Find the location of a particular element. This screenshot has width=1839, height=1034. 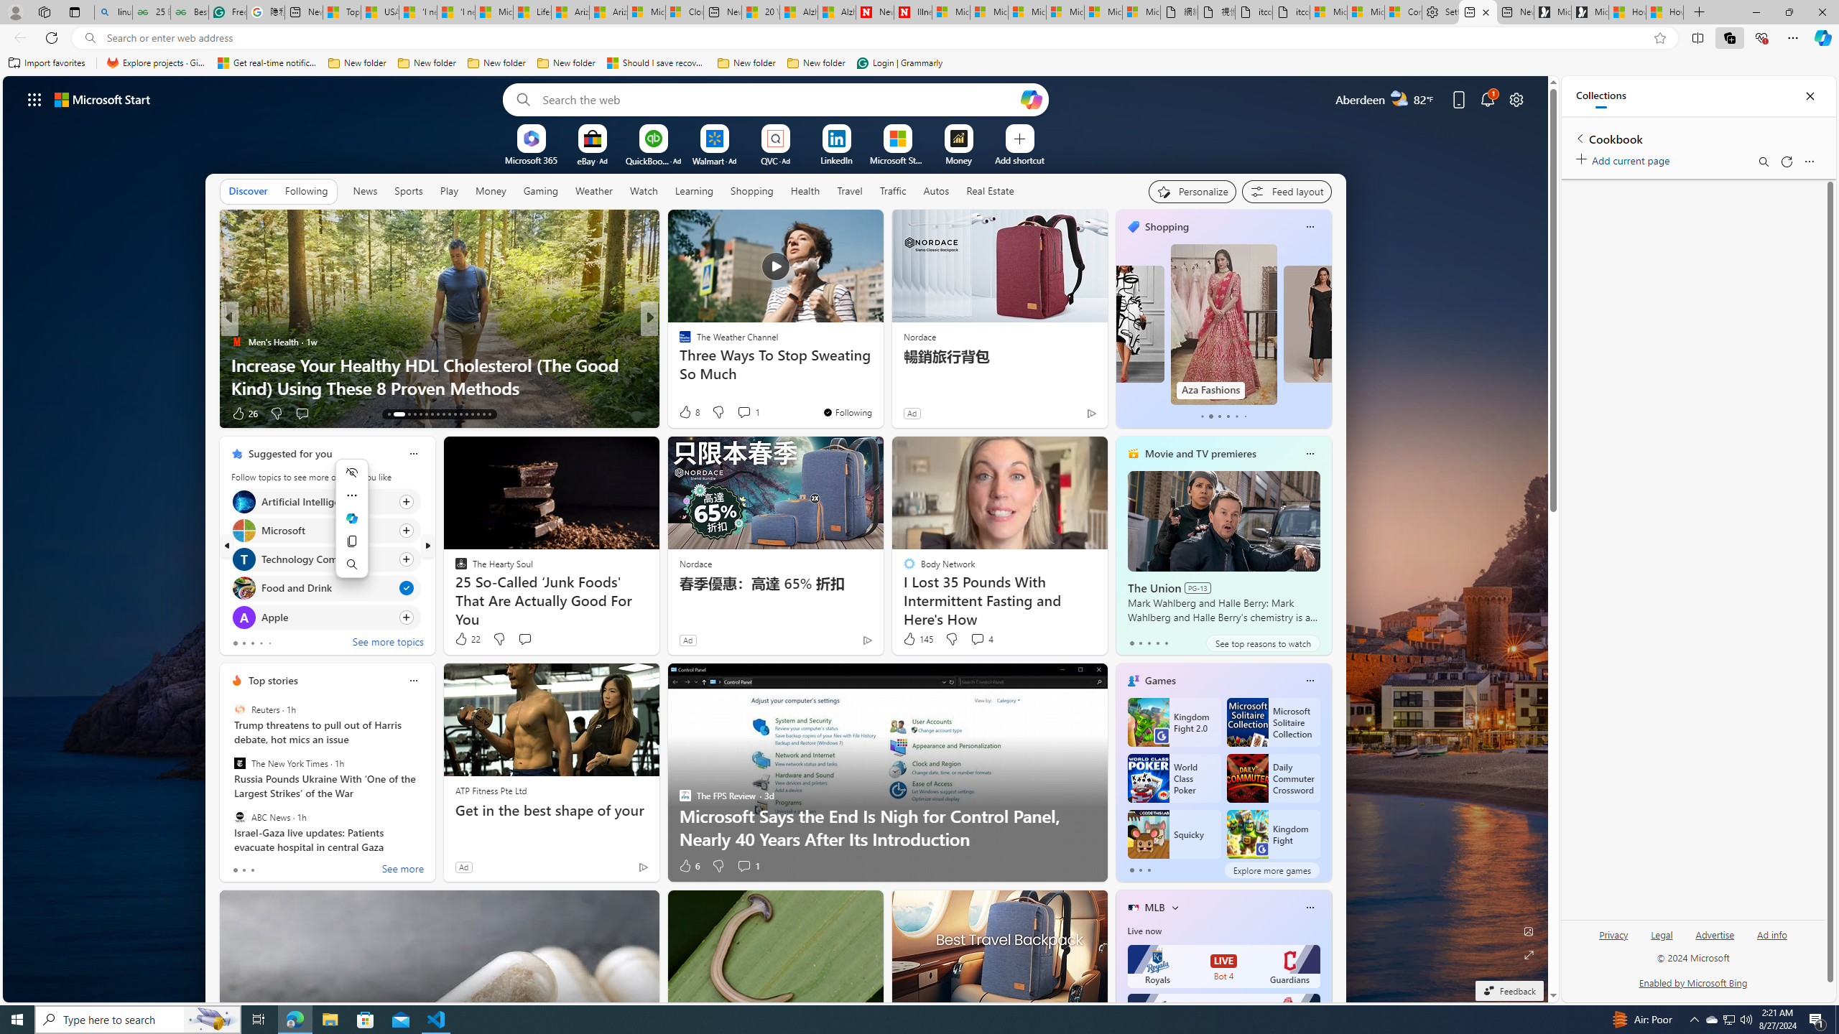

'147 Like' is located at coordinates (687, 413).